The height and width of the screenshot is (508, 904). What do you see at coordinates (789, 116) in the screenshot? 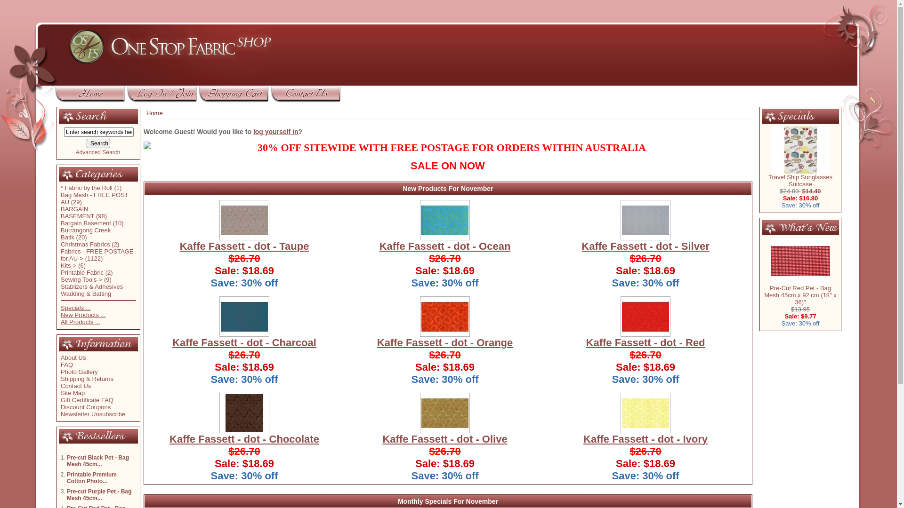
I see `' Spcials '` at bounding box center [789, 116].